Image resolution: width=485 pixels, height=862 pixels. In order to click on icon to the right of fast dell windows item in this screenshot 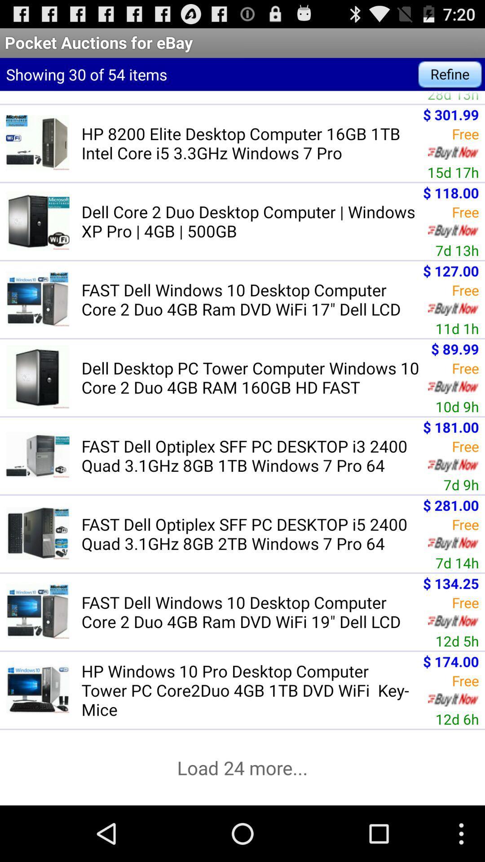, I will do `click(451, 583)`.